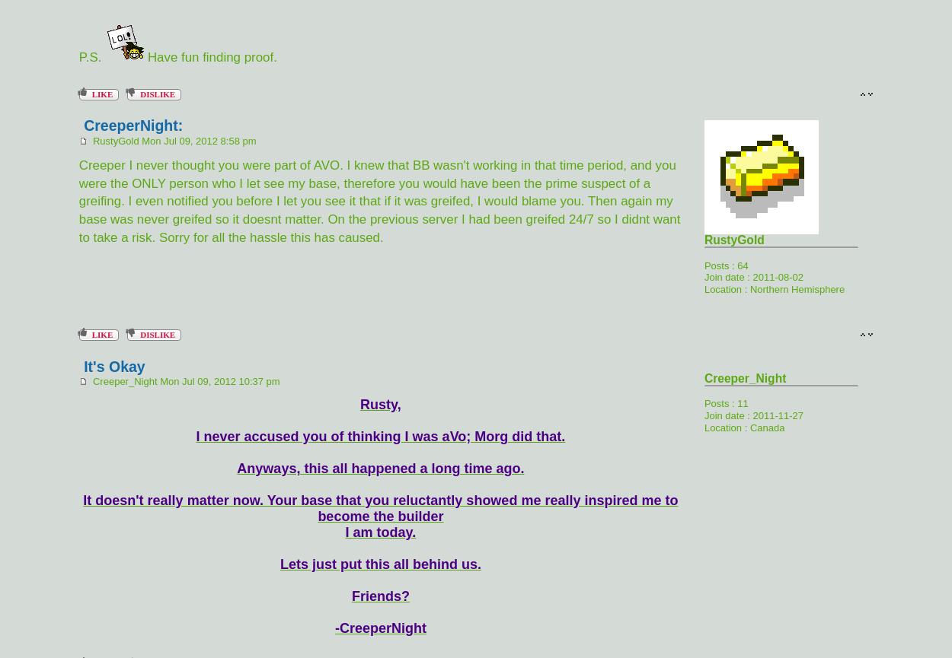 This screenshot has width=952, height=658. What do you see at coordinates (742, 402) in the screenshot?
I see `'11'` at bounding box center [742, 402].